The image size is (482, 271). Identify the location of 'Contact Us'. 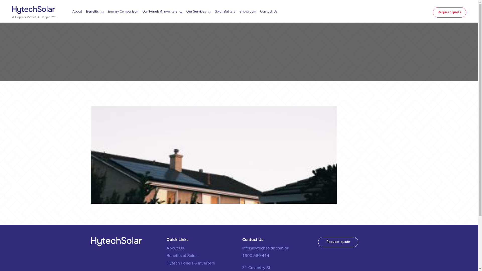
(260, 11).